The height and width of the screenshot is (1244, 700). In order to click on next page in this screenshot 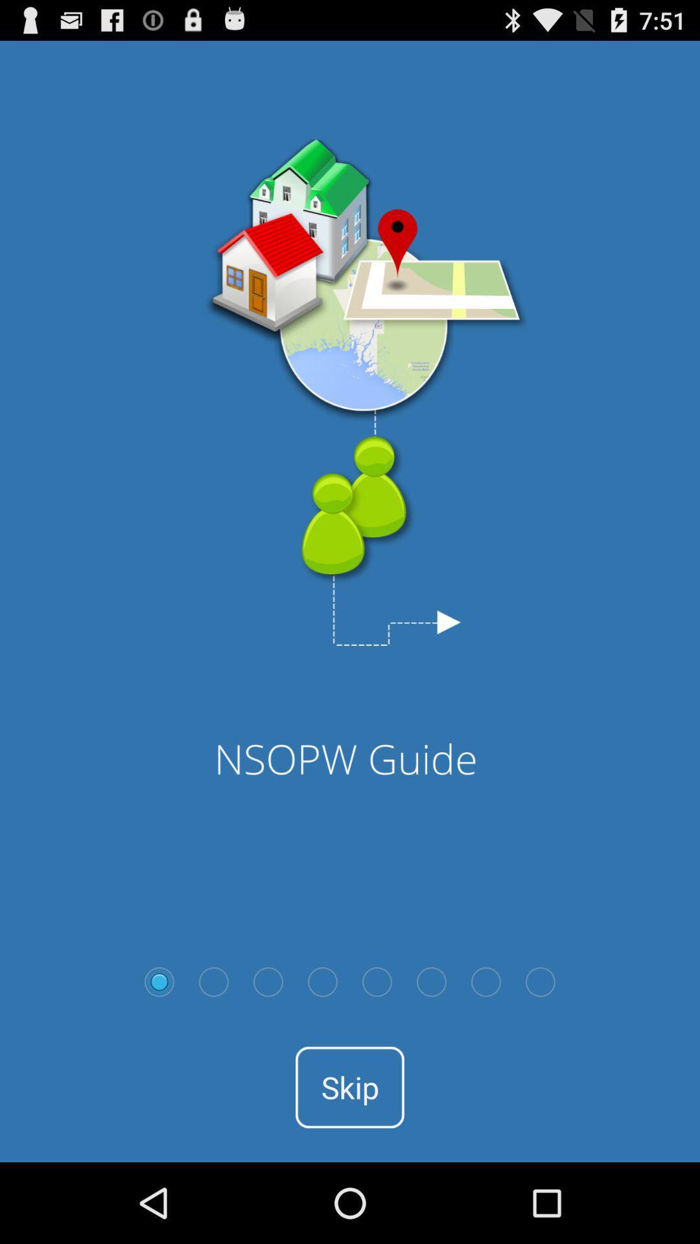, I will do `click(485, 982)`.